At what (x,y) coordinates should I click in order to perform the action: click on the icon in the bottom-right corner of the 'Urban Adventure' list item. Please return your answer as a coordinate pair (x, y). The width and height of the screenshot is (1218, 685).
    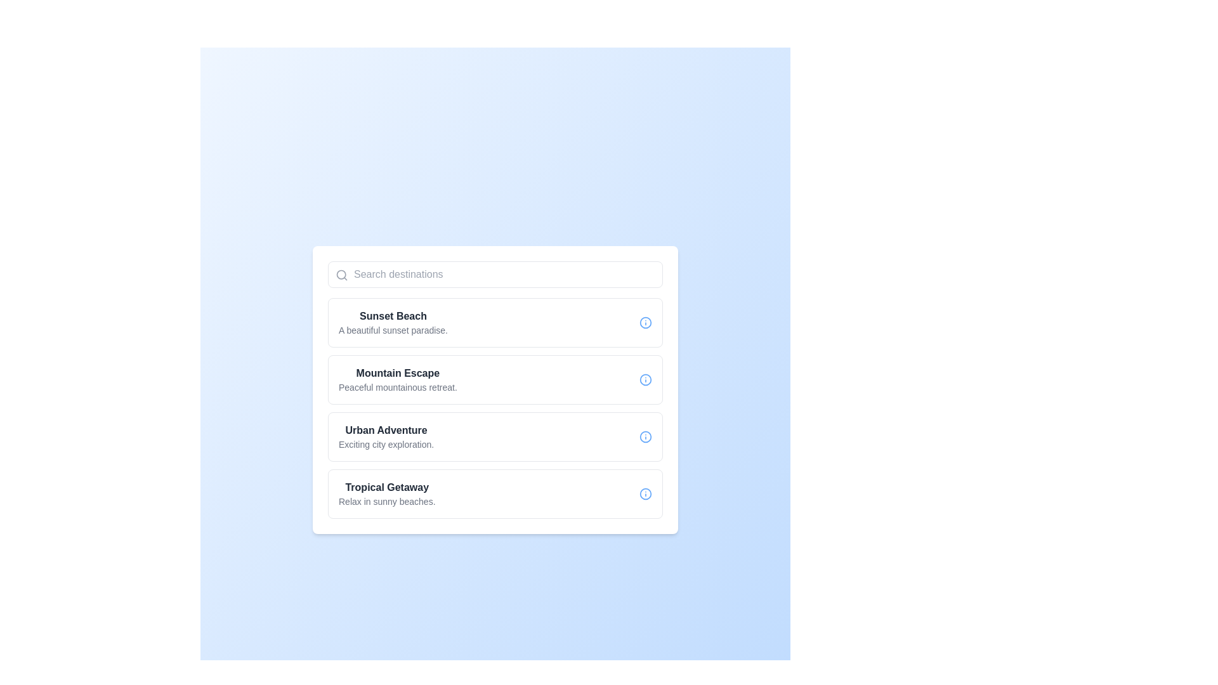
    Looking at the image, I should click on (645, 436).